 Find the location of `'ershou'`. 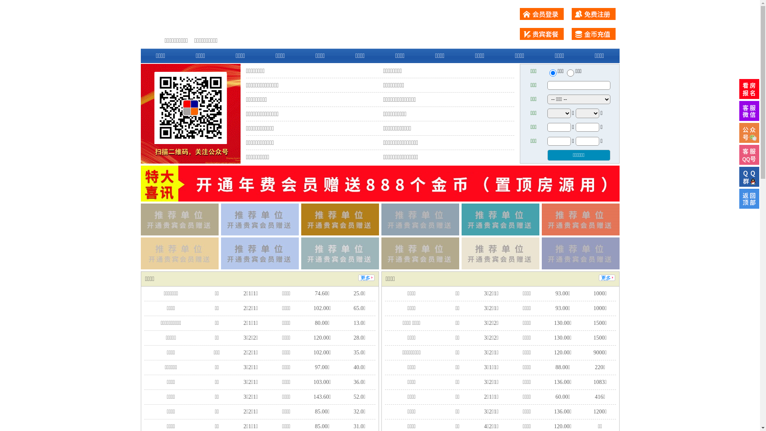

'ershou' is located at coordinates (552, 73).